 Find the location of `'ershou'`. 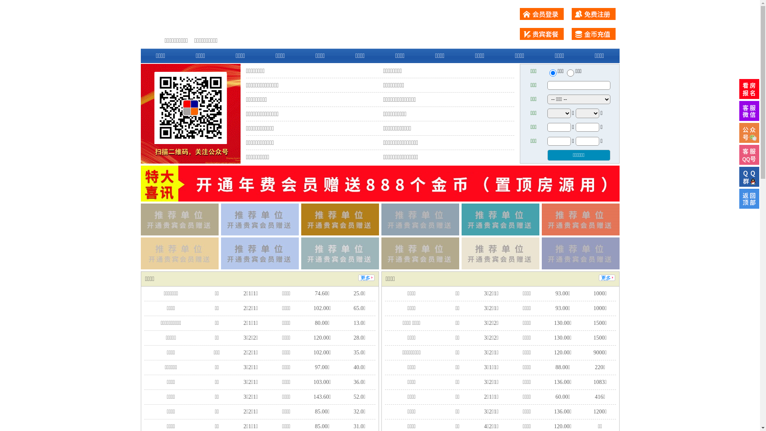

'ershou' is located at coordinates (552, 73).